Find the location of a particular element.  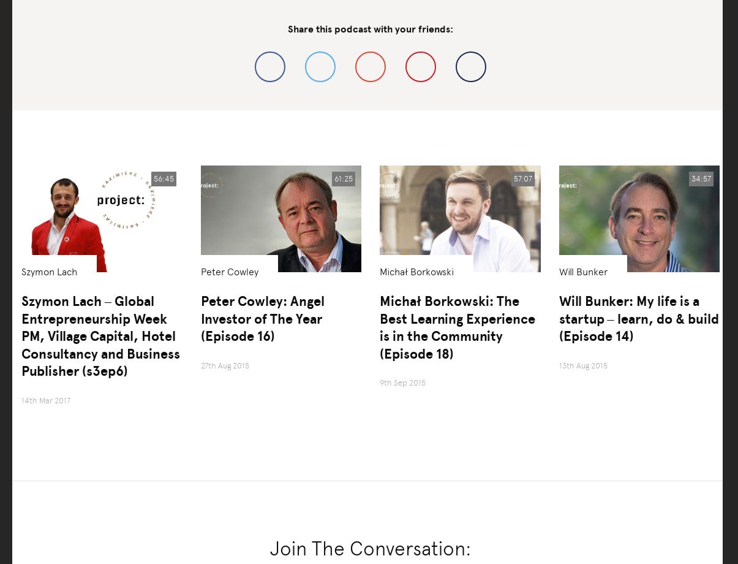

'Peter Cowley: Angel Investor of The Year (Episode 16)' is located at coordinates (200, 318).